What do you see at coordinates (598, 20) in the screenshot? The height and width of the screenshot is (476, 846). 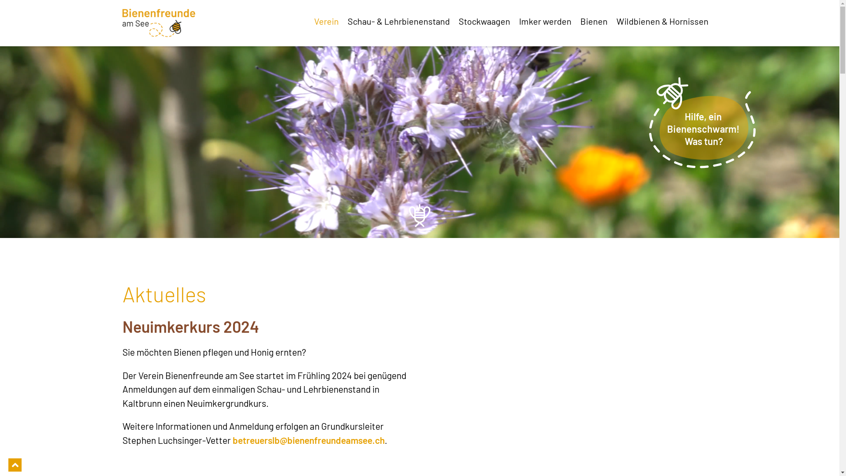 I see `'Bienen'` at bounding box center [598, 20].